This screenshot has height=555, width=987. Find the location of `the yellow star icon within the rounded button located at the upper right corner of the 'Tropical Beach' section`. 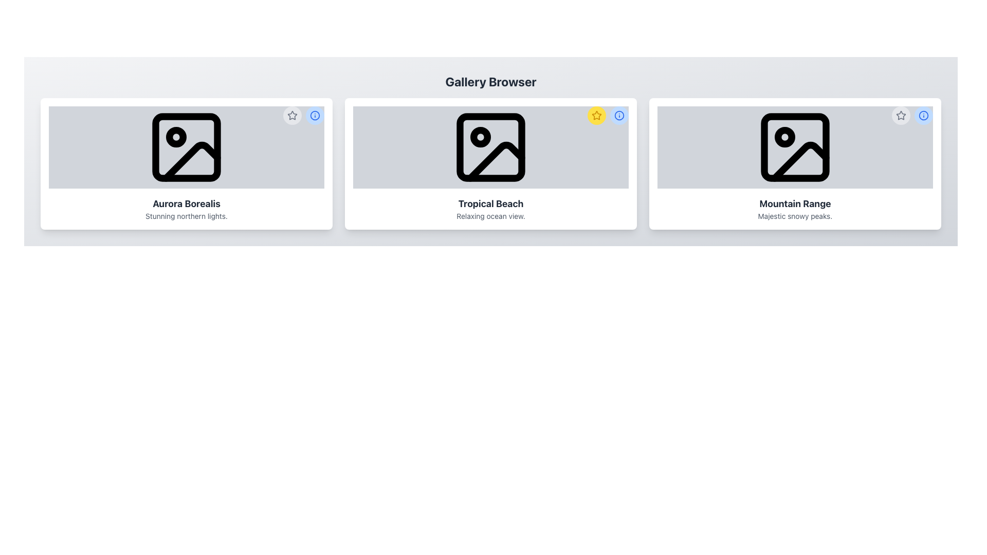

the yellow star icon within the rounded button located at the upper right corner of the 'Tropical Beach' section is located at coordinates (597, 115).